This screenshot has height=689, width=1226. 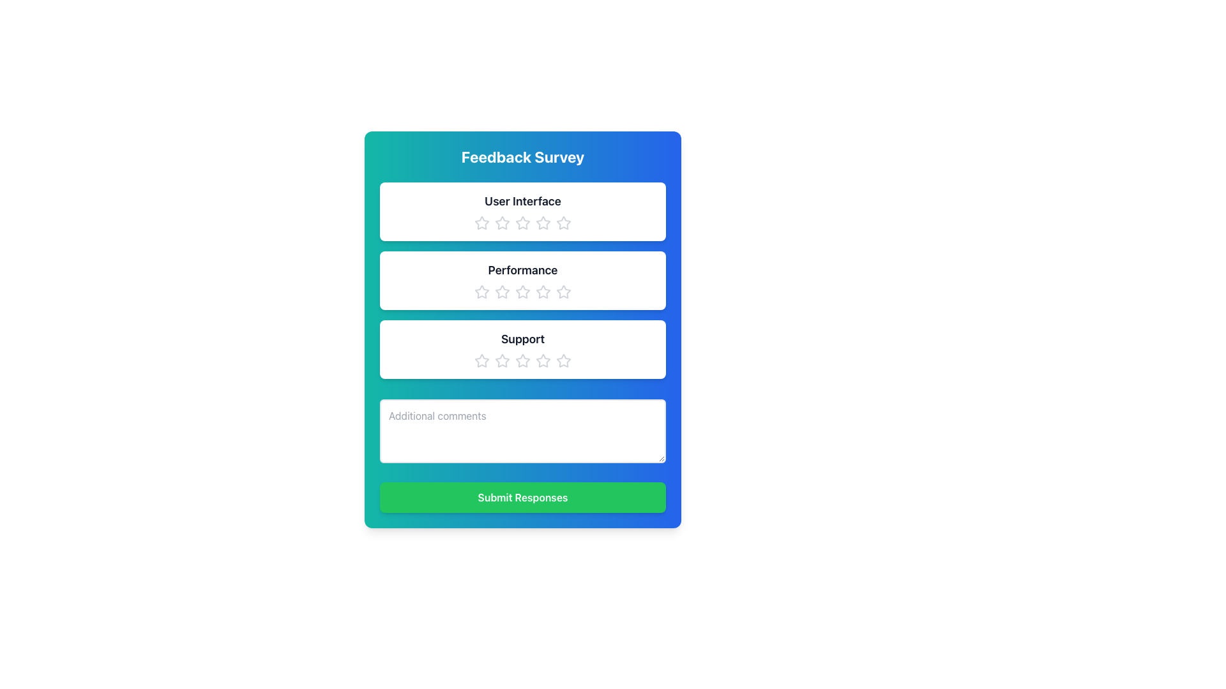 I want to click on the three-star rating icon button located under the 'Support' section of the feedback form interface, so click(x=523, y=360).